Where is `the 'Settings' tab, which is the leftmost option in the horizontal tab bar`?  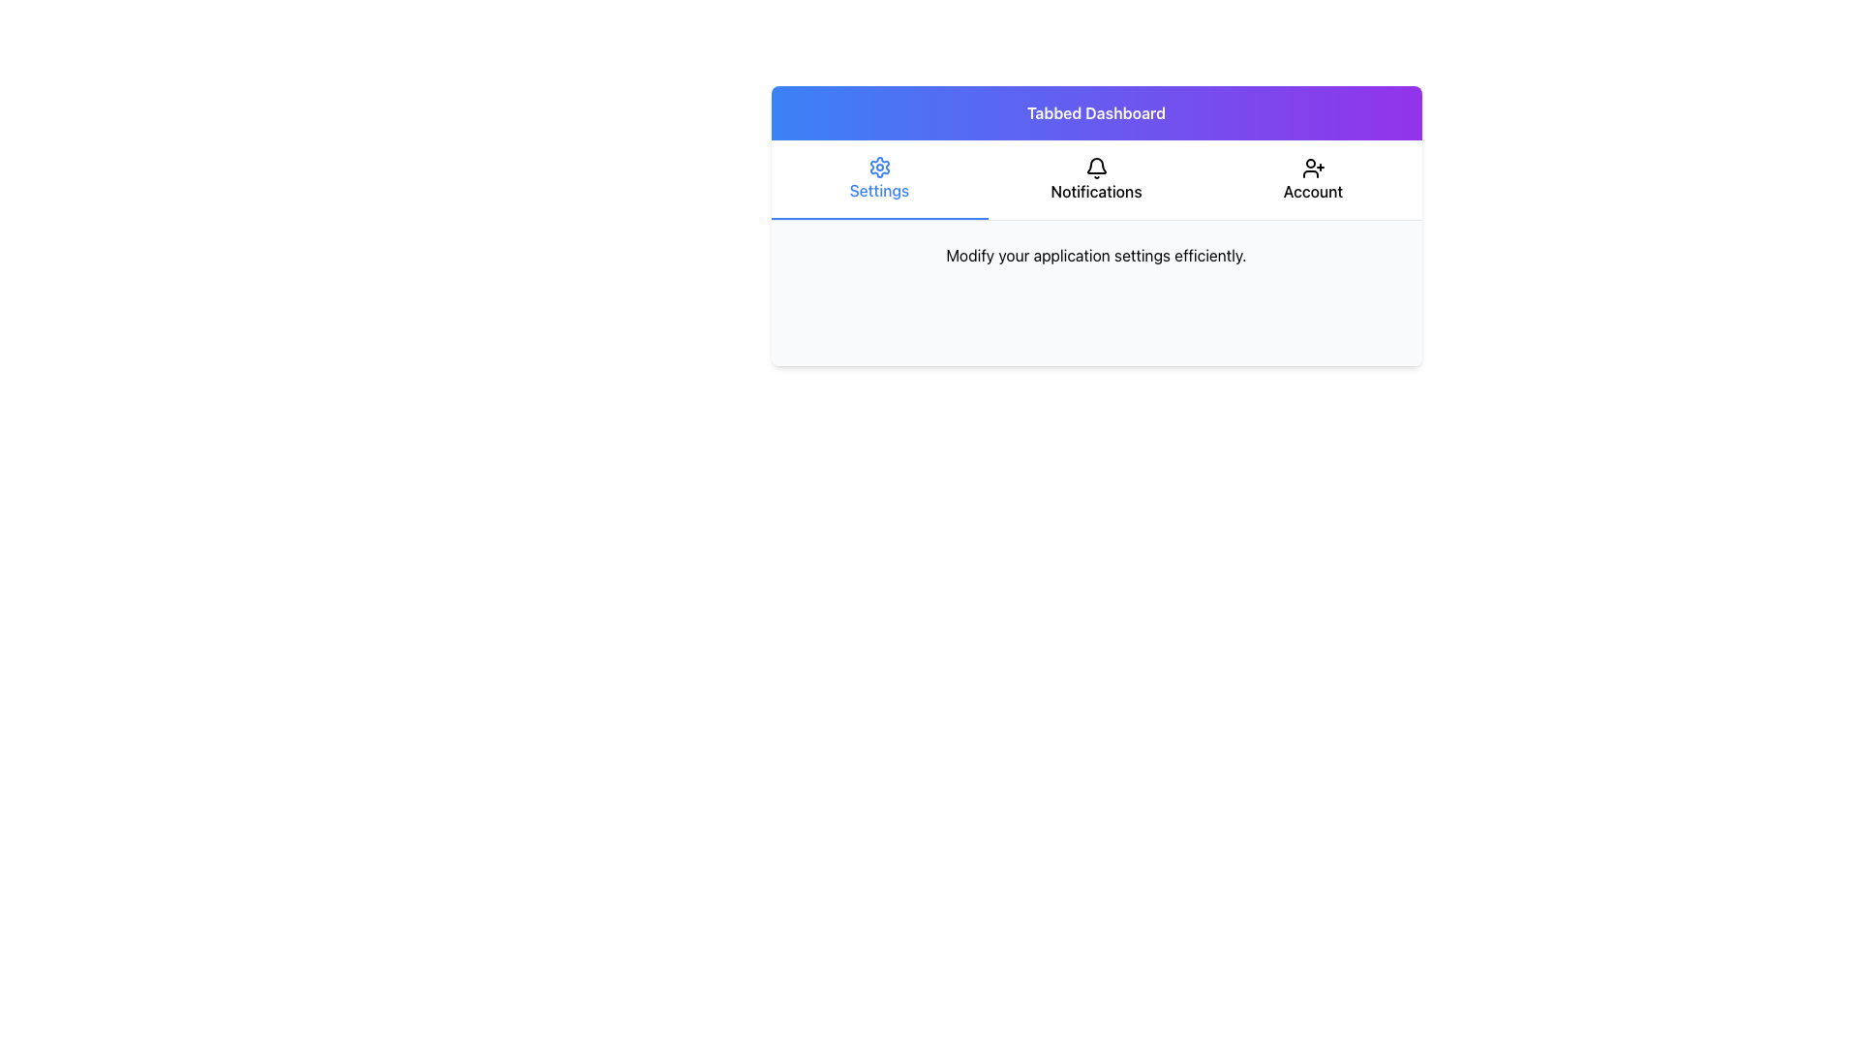
the 'Settings' tab, which is the leftmost option in the horizontal tab bar is located at coordinates (878, 179).